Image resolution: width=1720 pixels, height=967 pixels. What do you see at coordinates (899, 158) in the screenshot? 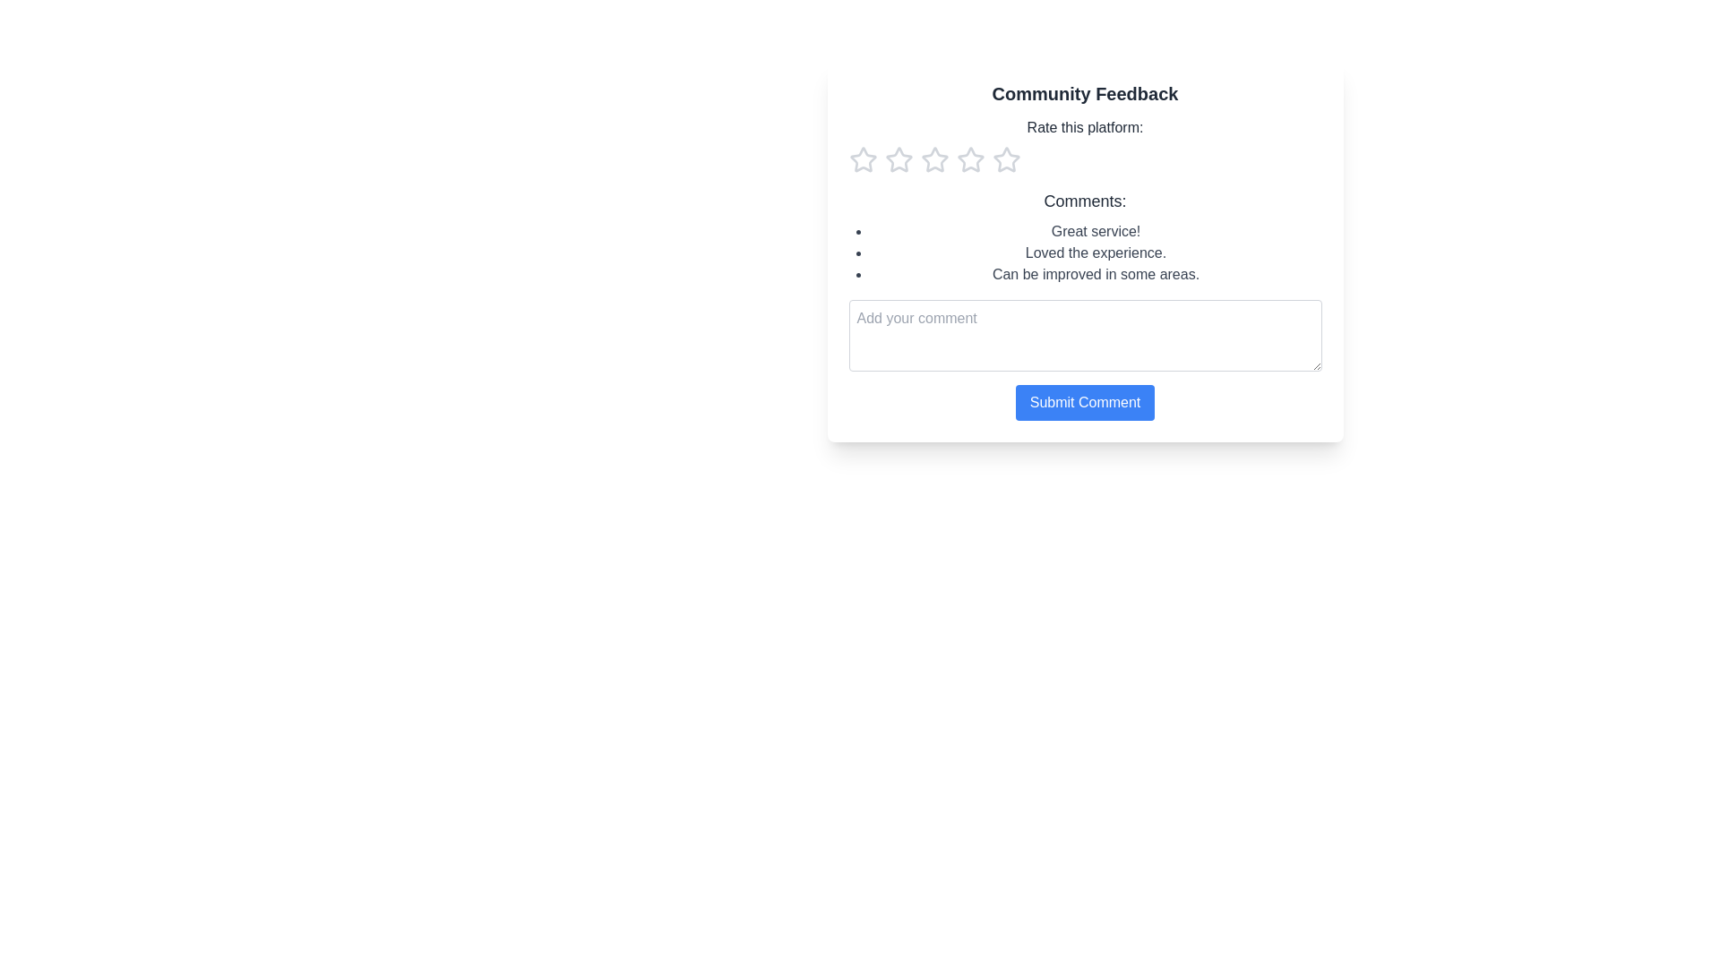
I see `the second star icon in the 5-star rating system located near the top of the community feedback card, directly below the prompt 'Rate this platform:'` at bounding box center [899, 158].